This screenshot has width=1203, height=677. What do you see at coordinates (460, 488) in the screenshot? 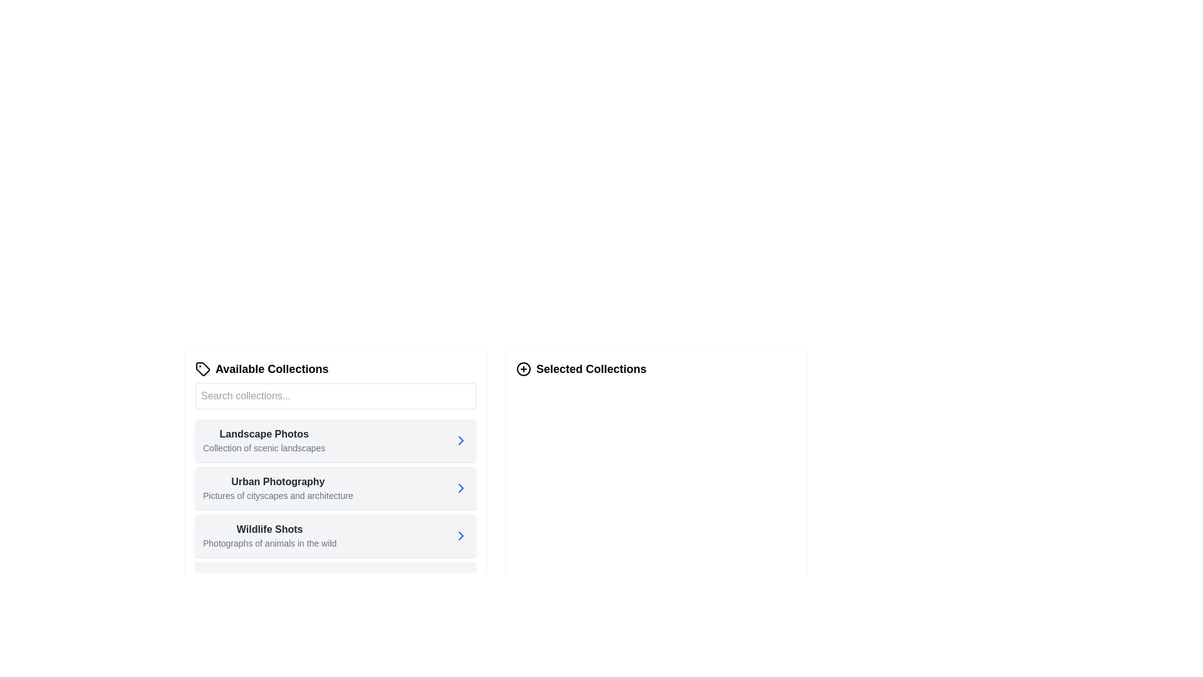
I see `the button located at the far right of the 'Urban Photography' collection in the second row under 'Available Collections'` at bounding box center [460, 488].